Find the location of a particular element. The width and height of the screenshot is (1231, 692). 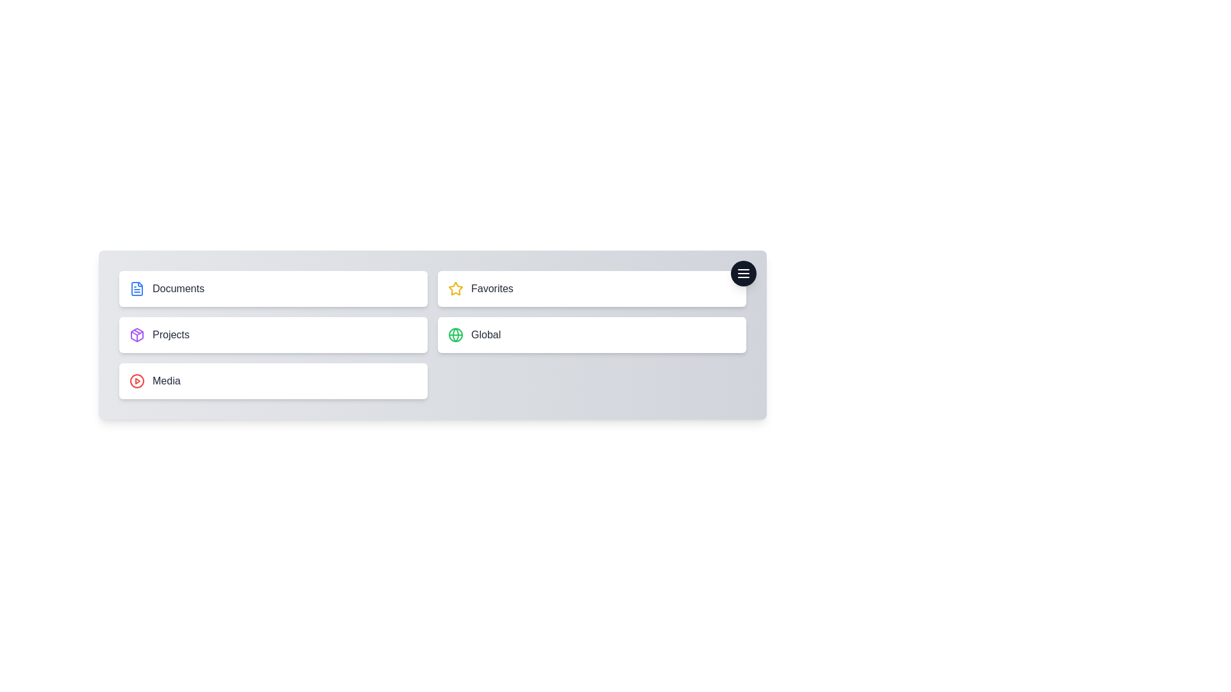

the menu item labeled Documents to preview its effects is located at coordinates (272, 289).